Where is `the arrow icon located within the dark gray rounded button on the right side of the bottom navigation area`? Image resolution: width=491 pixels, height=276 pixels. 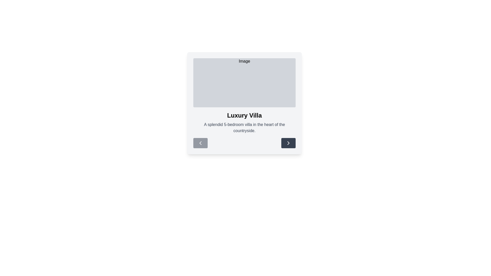
the arrow icon located within the dark gray rounded button on the right side of the bottom navigation area is located at coordinates (288, 143).